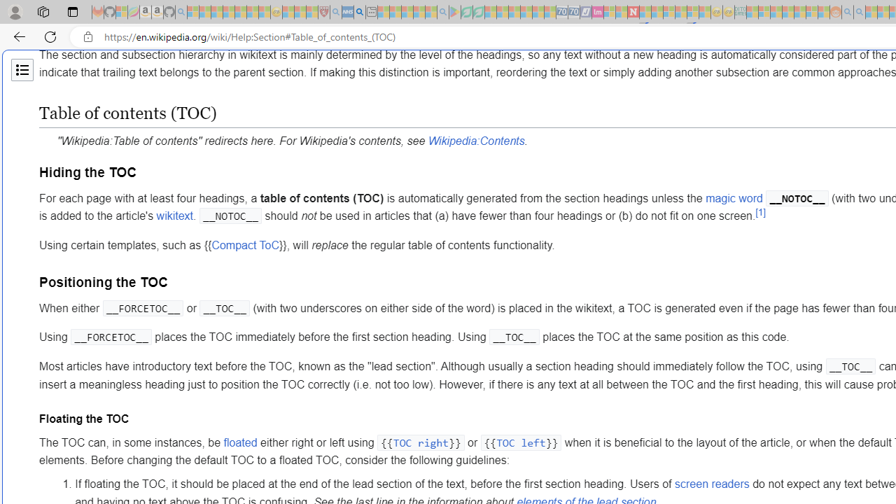 This screenshot has height=504, width=896. I want to click on 'Local - MSN - Sleeping', so click(311, 12).